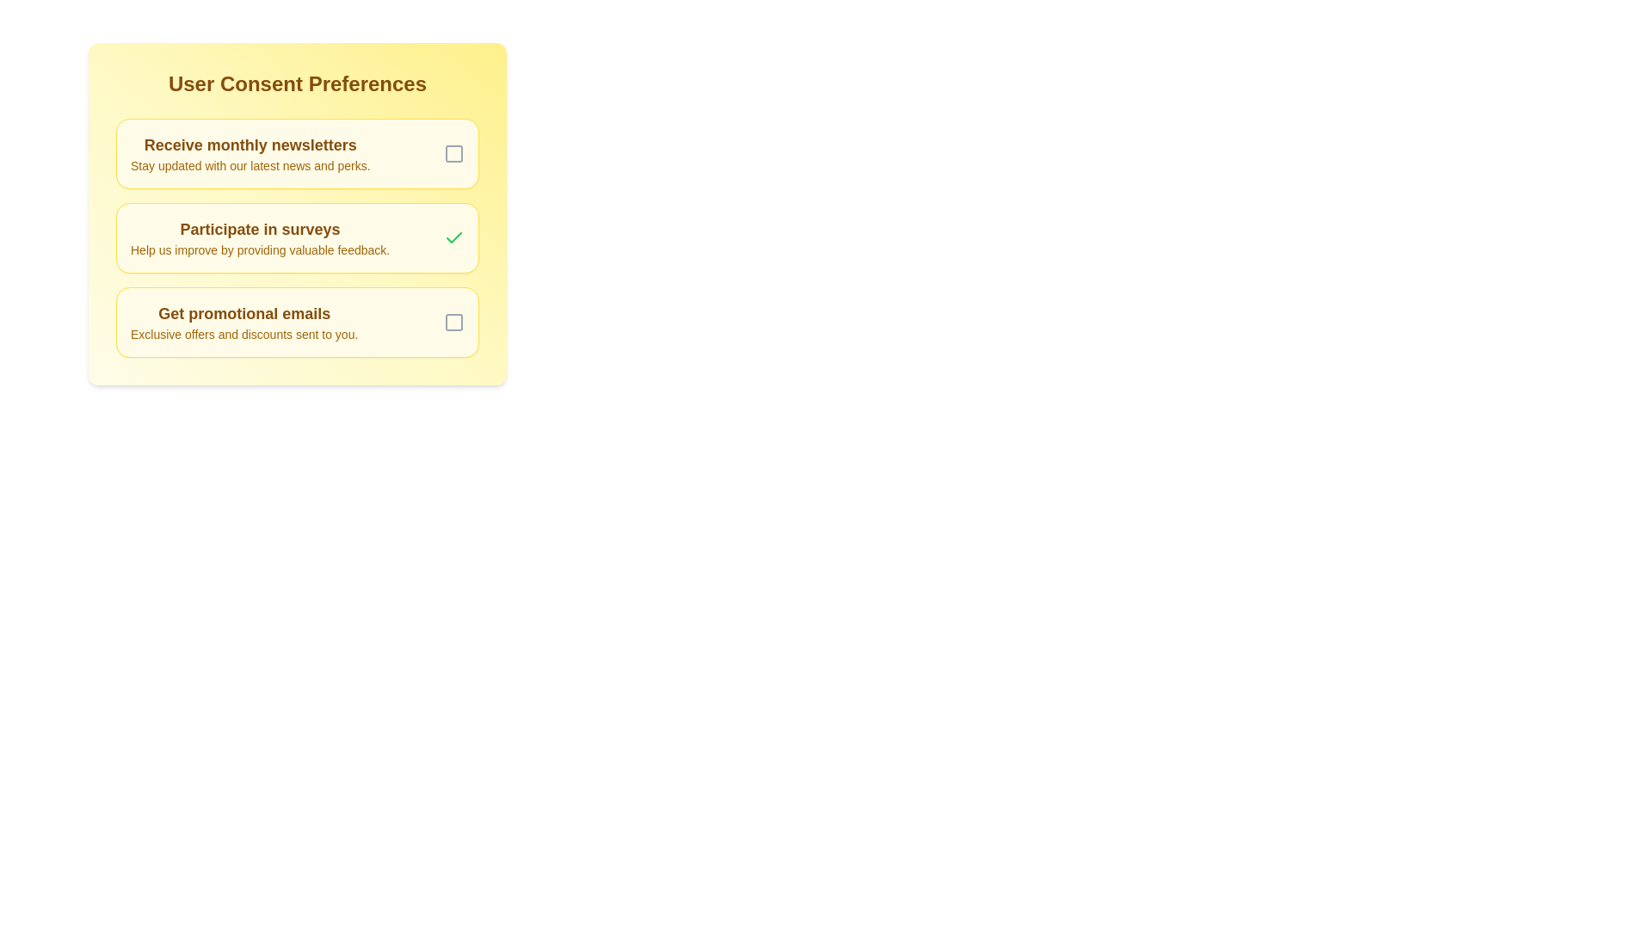 The image size is (1652, 929). What do you see at coordinates (454, 237) in the screenshot?
I see `the green checkmark icon in the 'Participate in surveys' section of the consent preferences component, which signifies a selection or confirmation` at bounding box center [454, 237].